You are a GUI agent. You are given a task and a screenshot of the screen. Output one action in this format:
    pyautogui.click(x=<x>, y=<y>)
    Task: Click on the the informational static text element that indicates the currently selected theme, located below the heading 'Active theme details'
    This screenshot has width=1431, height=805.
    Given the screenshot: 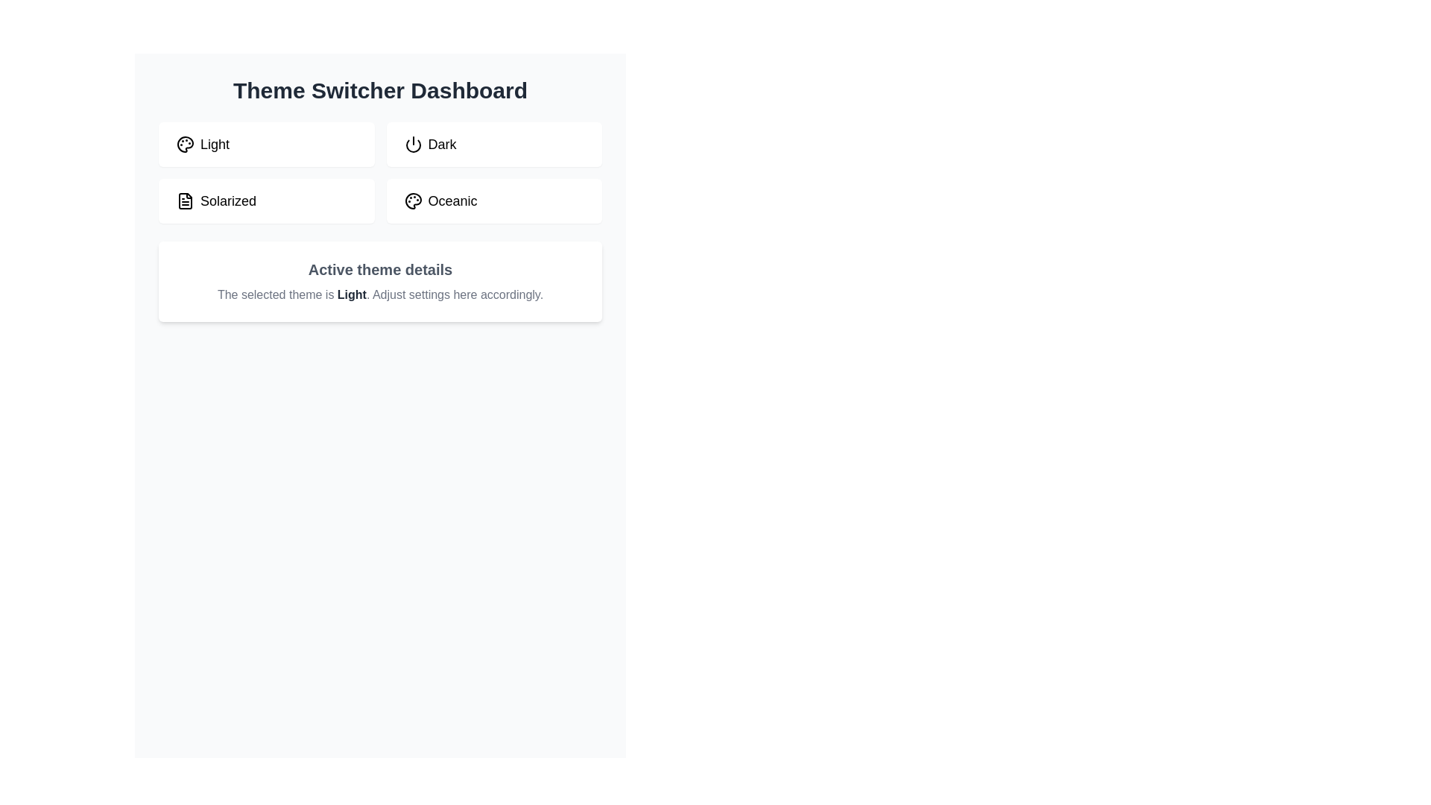 What is the action you would take?
    pyautogui.click(x=380, y=295)
    